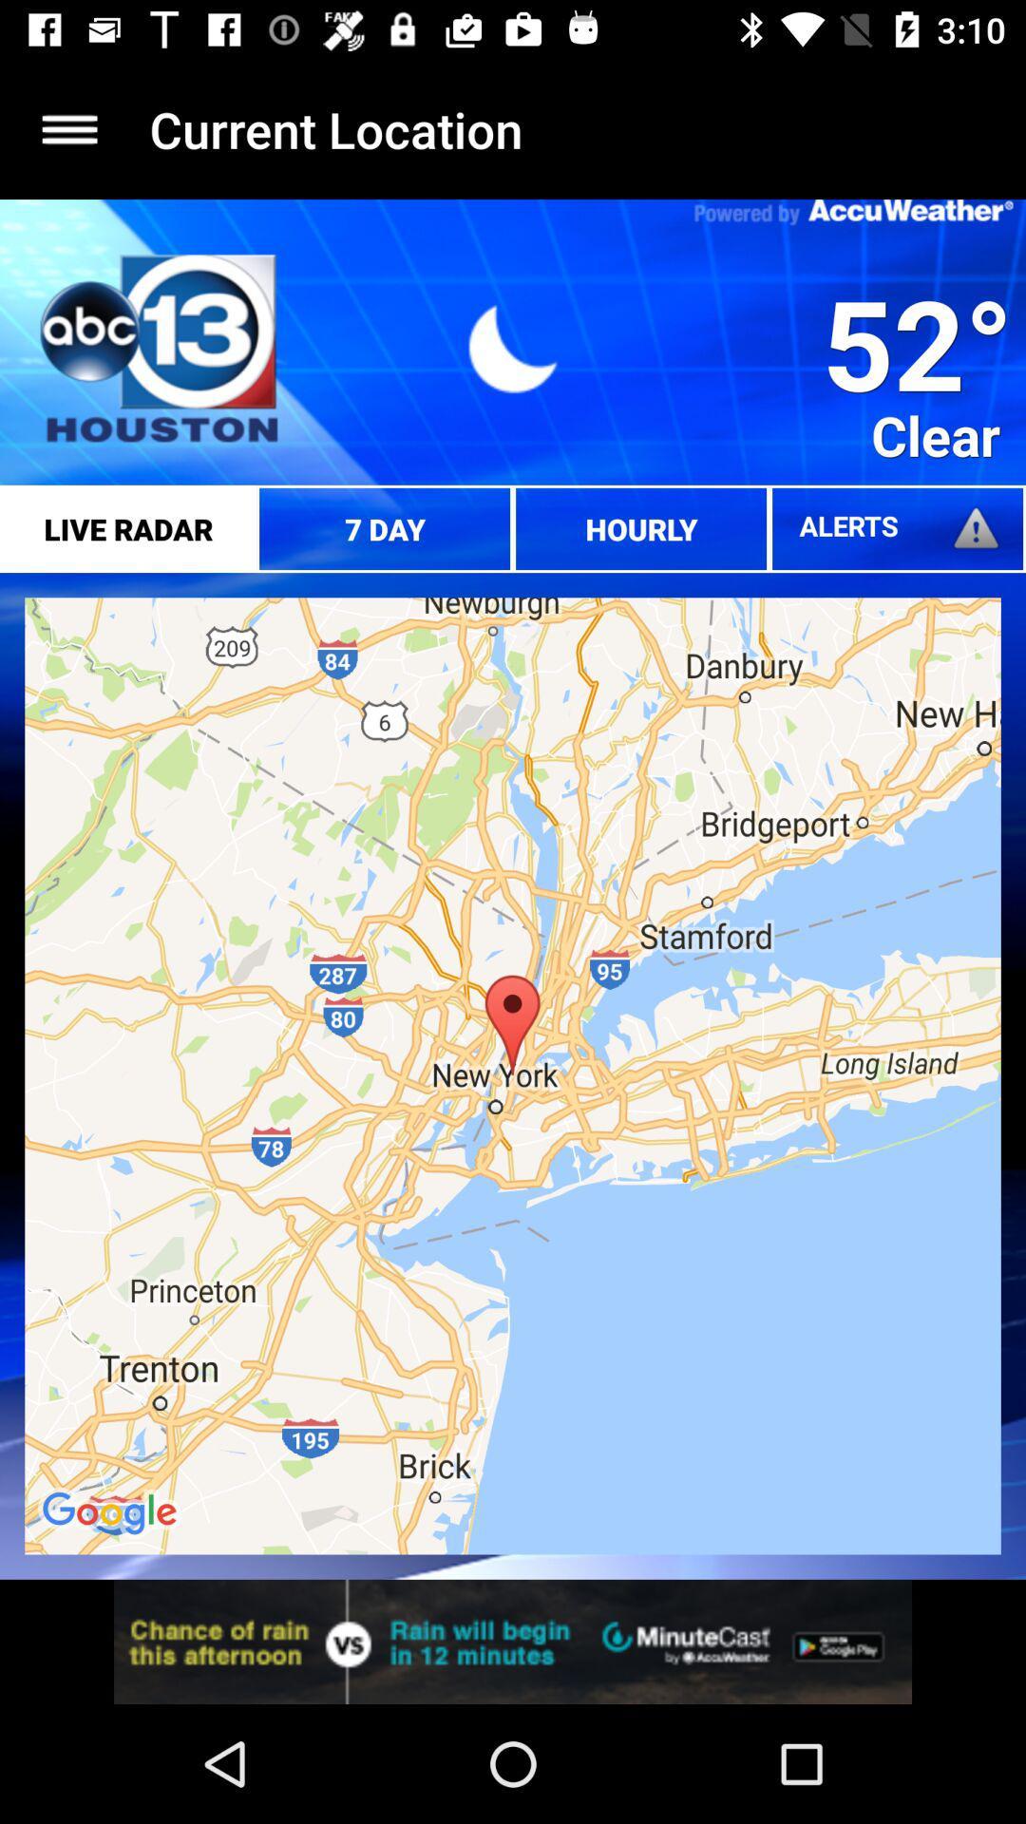 This screenshot has height=1824, width=1026. I want to click on look at options, so click(68, 128).